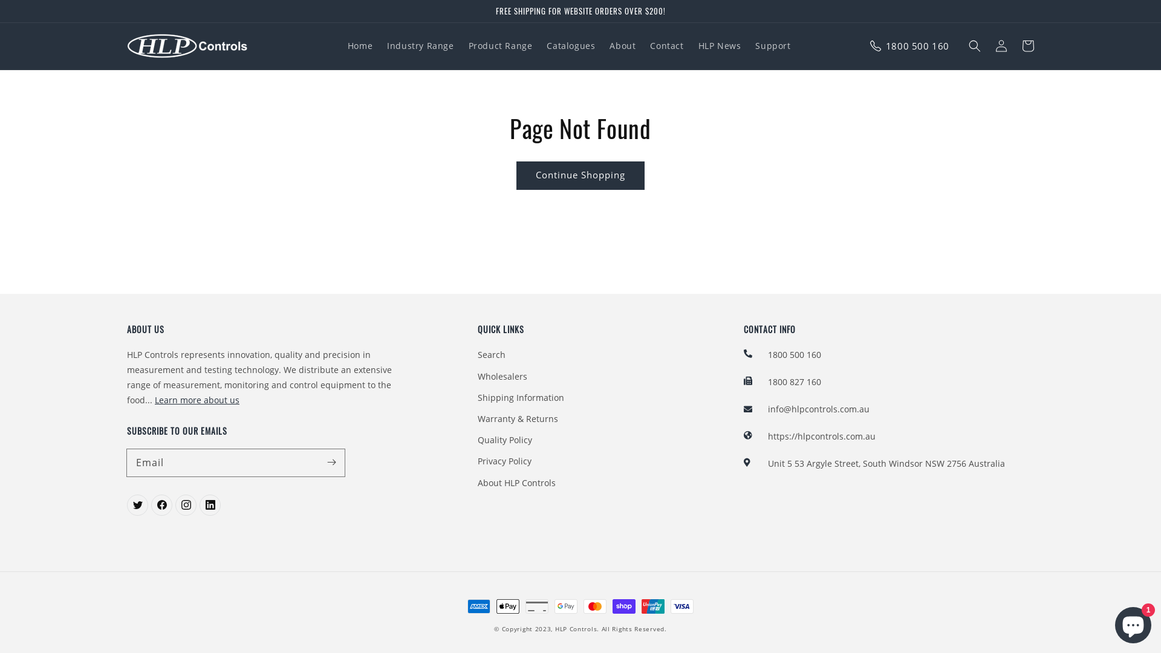 This screenshot has width=1161, height=653. Describe the element at coordinates (477, 461) in the screenshot. I see `'Privacy Policy'` at that location.